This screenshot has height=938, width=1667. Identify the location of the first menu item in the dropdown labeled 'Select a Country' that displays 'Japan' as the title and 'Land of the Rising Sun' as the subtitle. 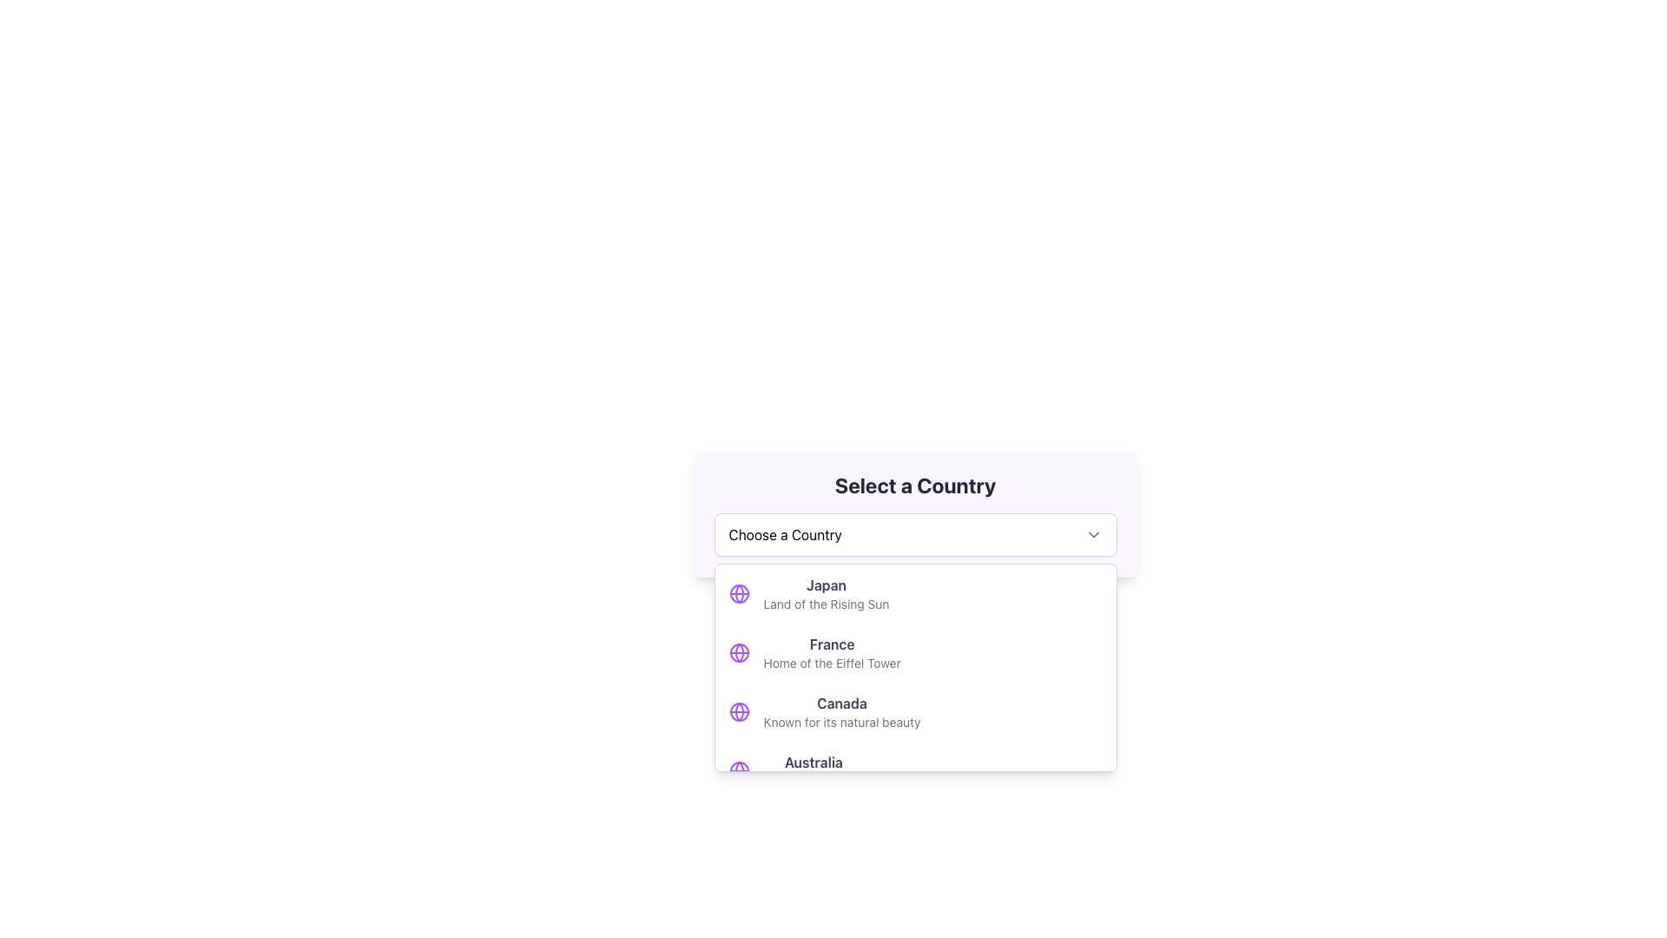
(825, 592).